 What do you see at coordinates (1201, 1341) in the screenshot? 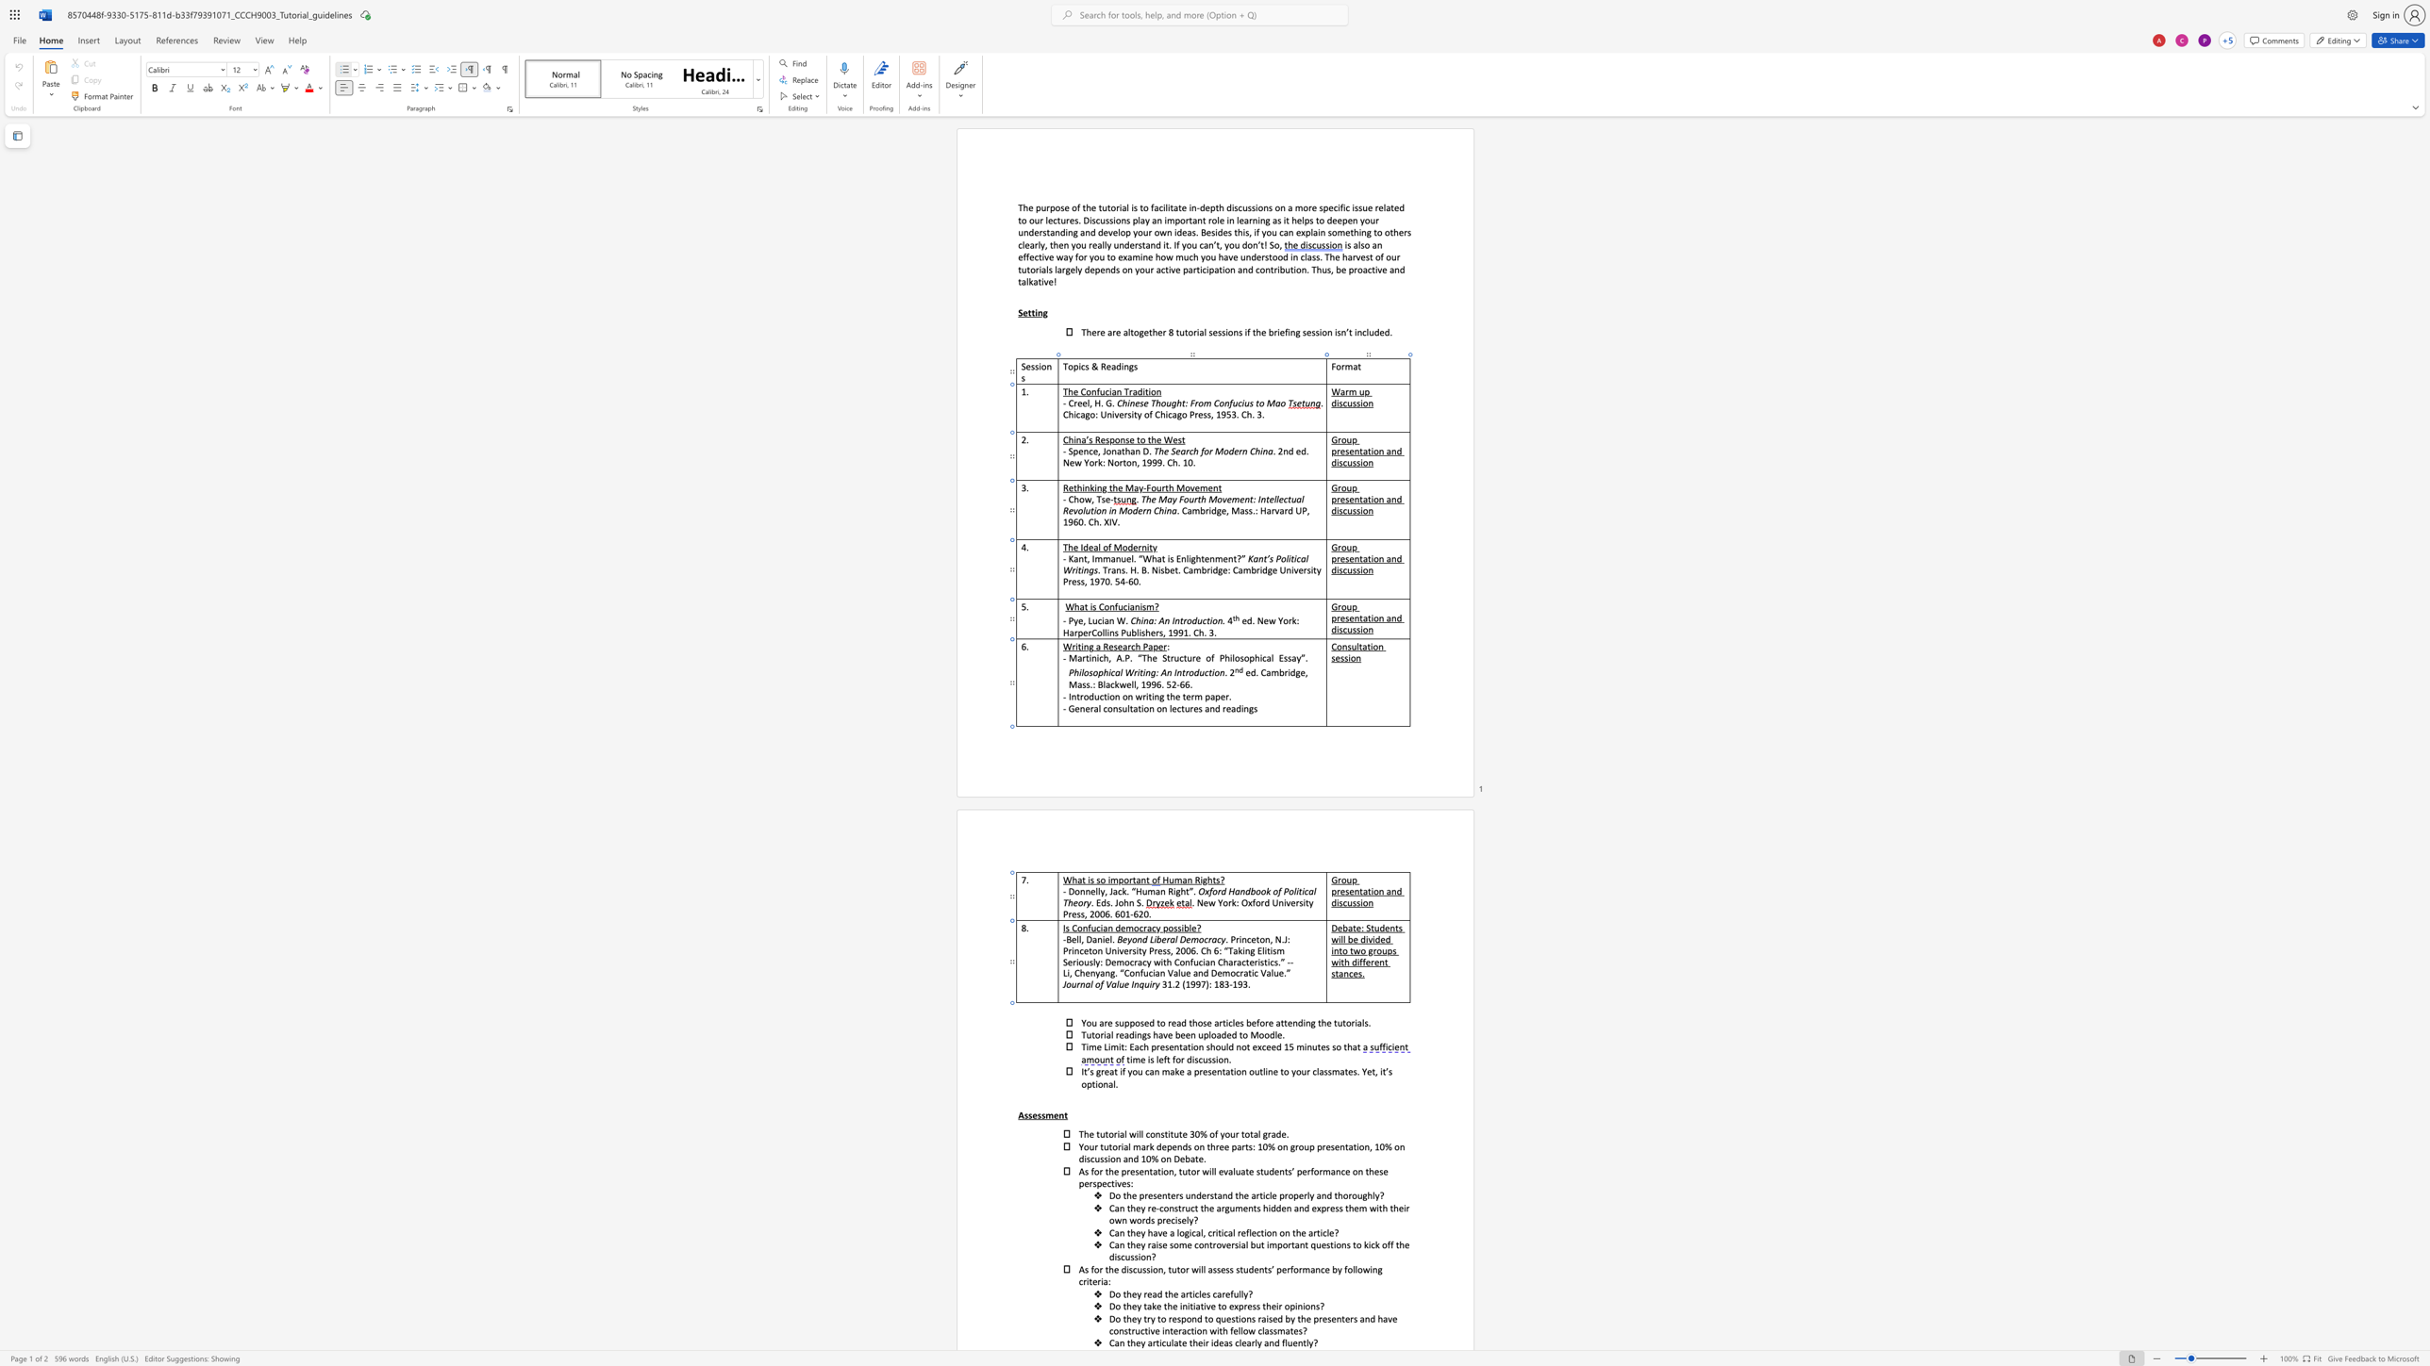
I see `the space between the continuous character "e" and "i" in the text` at bounding box center [1201, 1341].